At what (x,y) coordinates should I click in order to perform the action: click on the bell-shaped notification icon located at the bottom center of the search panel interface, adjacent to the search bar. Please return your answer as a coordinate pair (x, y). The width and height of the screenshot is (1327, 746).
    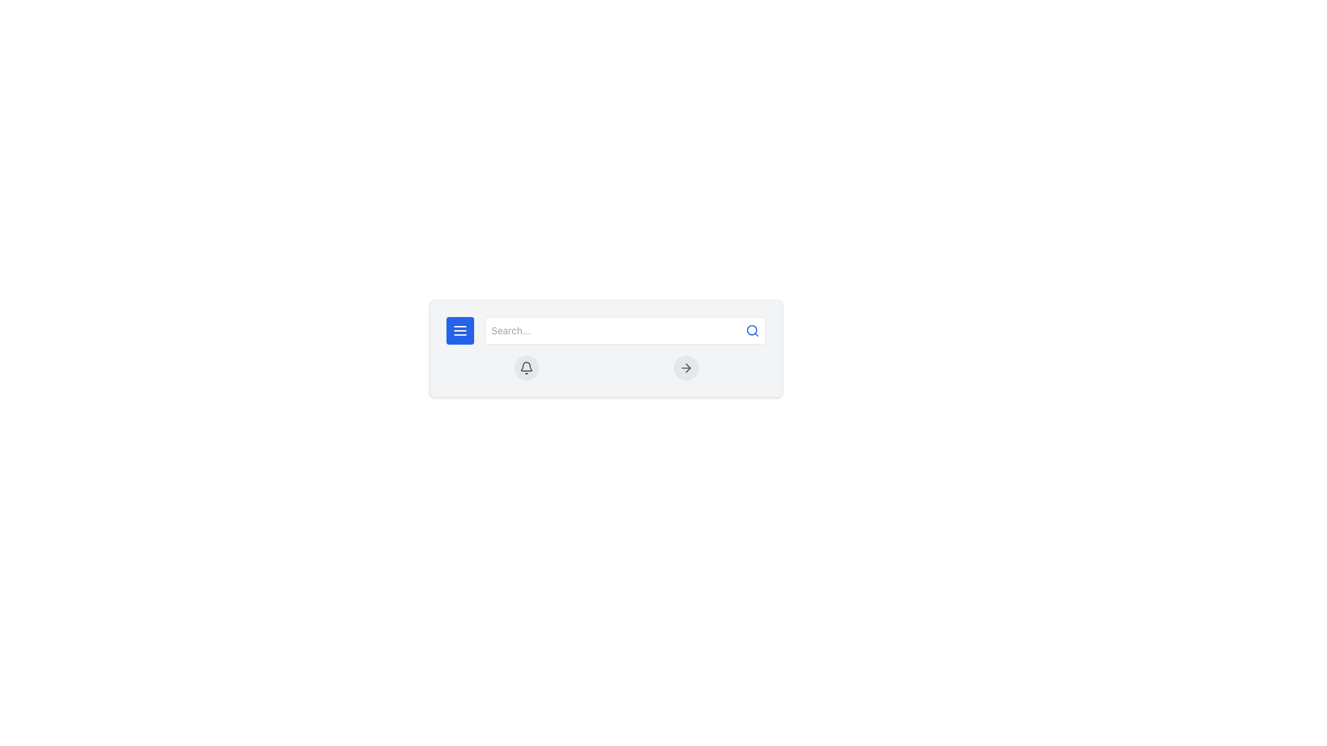
    Looking at the image, I should click on (525, 365).